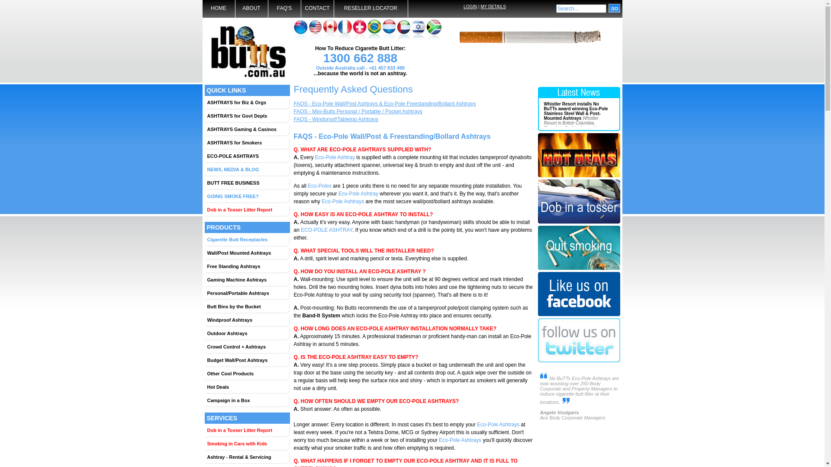 This screenshot has width=831, height=467. I want to click on 'FAQS - Mini-Butts Personal / Portable / Pocket Ashtrays', so click(358, 111).